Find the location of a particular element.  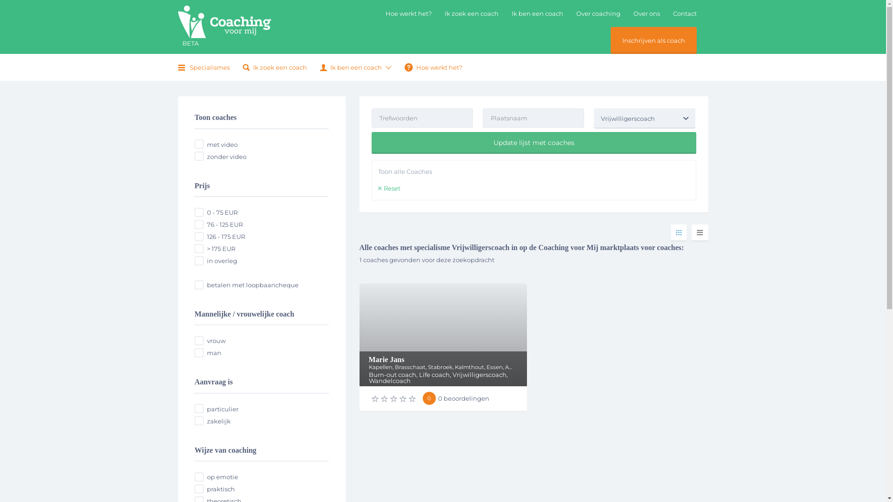

'male' is located at coordinates (198, 353).